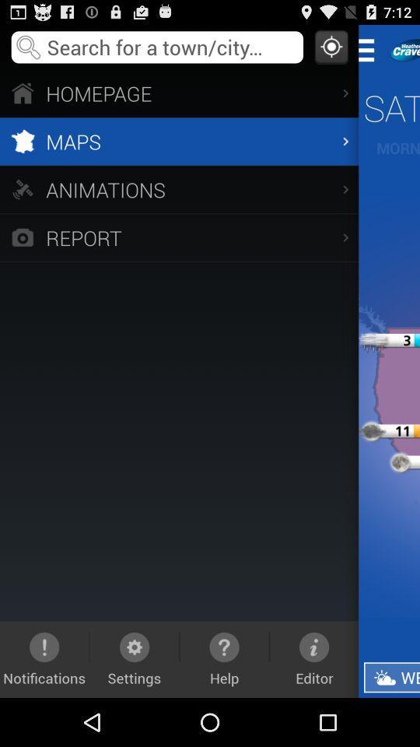  I want to click on animations, so click(178, 188).